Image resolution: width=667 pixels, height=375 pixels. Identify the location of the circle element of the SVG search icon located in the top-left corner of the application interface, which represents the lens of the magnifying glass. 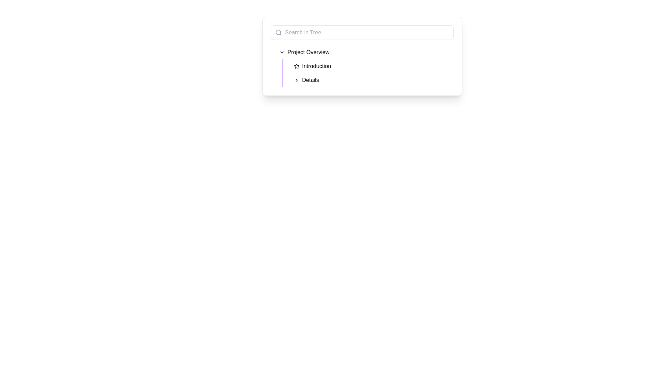
(278, 32).